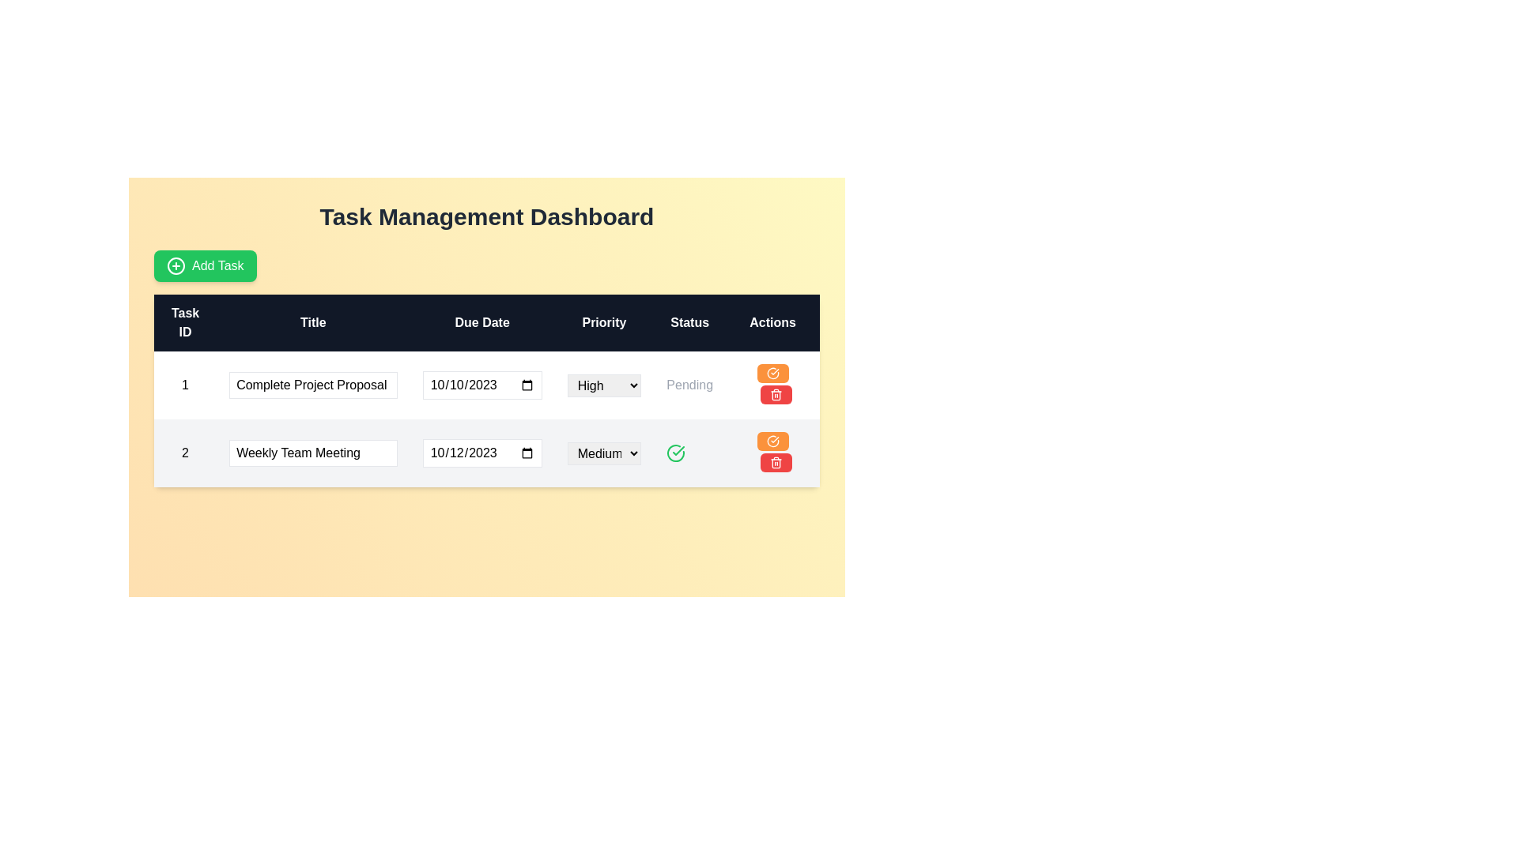 This screenshot has height=853, width=1518. What do you see at coordinates (689, 385) in the screenshot?
I see `the second cell in the 'Status' column of the first row, which indicates the current task status for 'Complete Project Proposal'` at bounding box center [689, 385].